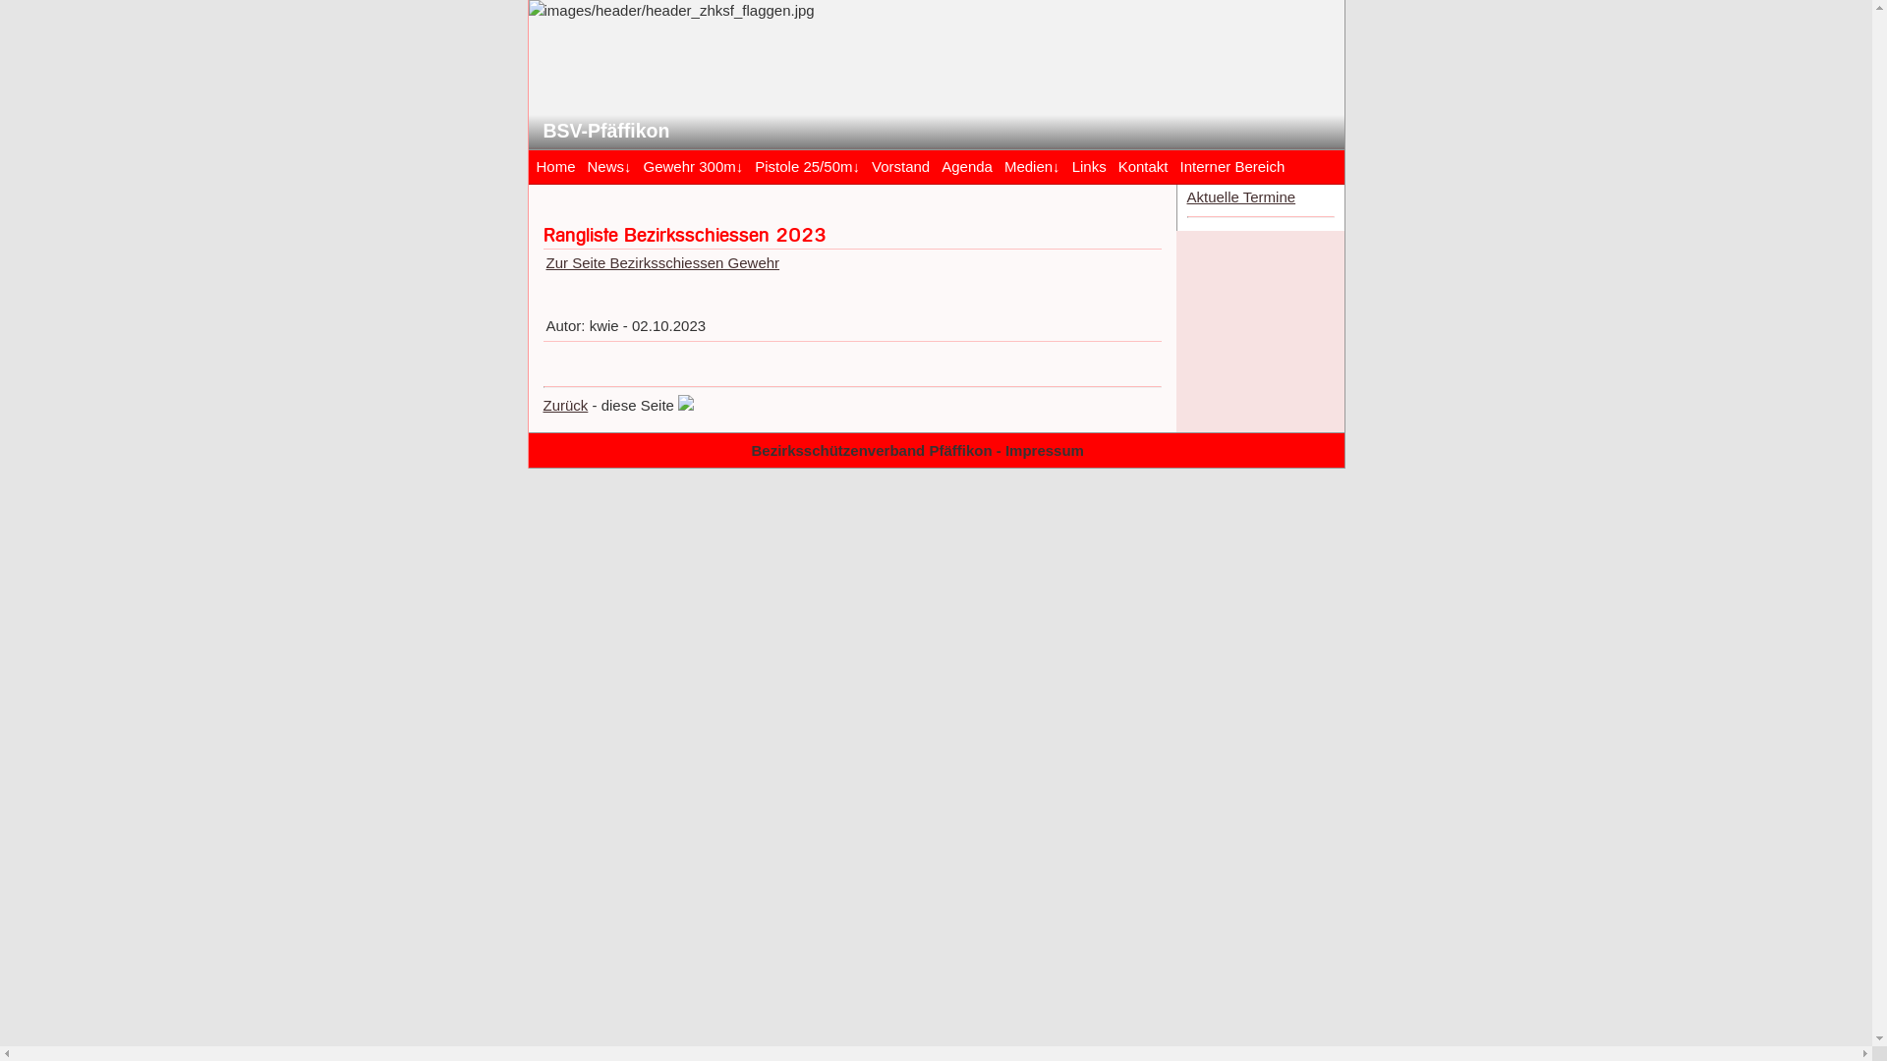 The image size is (1887, 1061). Describe the element at coordinates (1043, 450) in the screenshot. I see `'Impressum'` at that location.